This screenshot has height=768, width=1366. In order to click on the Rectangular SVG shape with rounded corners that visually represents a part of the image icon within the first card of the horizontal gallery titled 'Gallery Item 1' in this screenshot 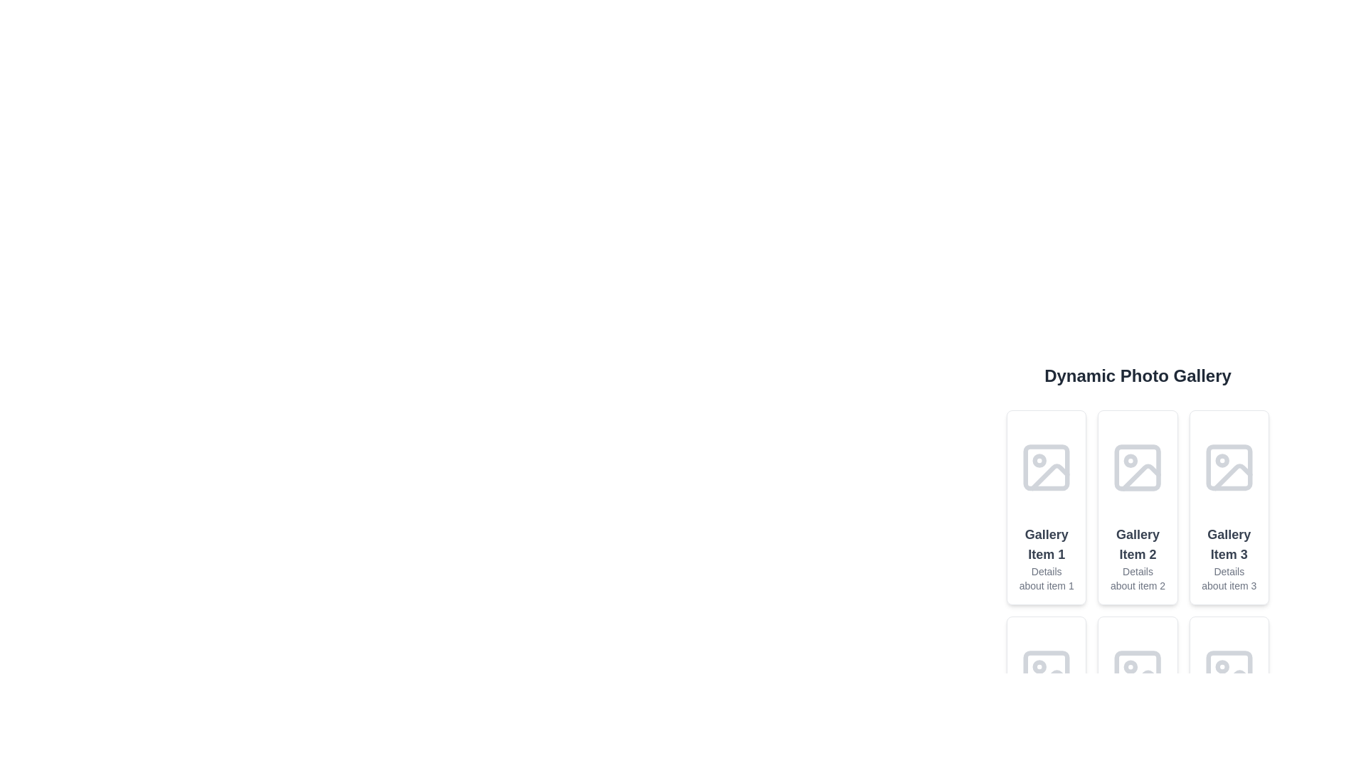, I will do `click(1047, 468)`.